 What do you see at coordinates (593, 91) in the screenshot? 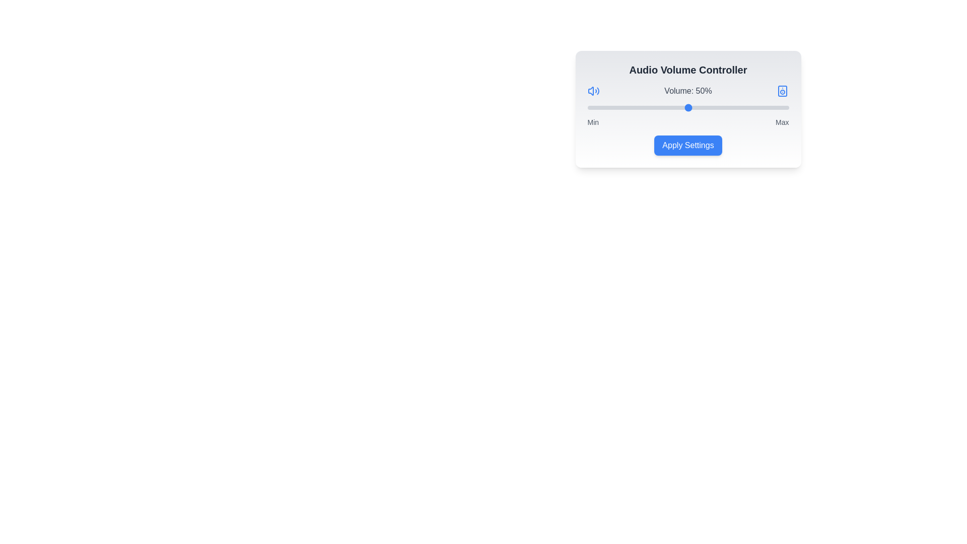
I see `the volume icon to toggle mute/unmute` at bounding box center [593, 91].